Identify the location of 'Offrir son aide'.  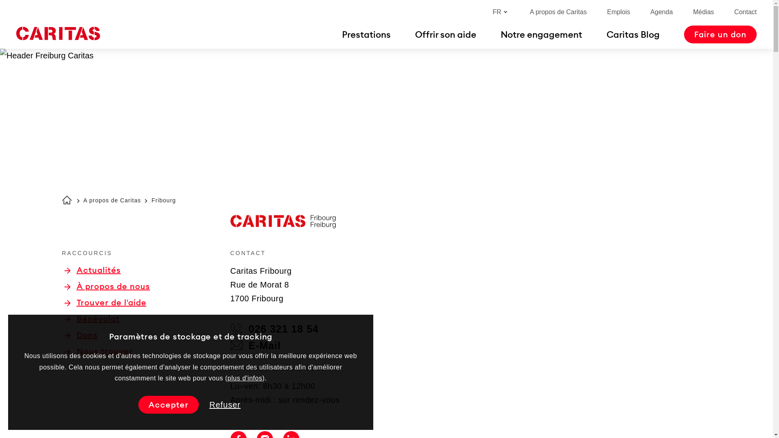
(445, 34).